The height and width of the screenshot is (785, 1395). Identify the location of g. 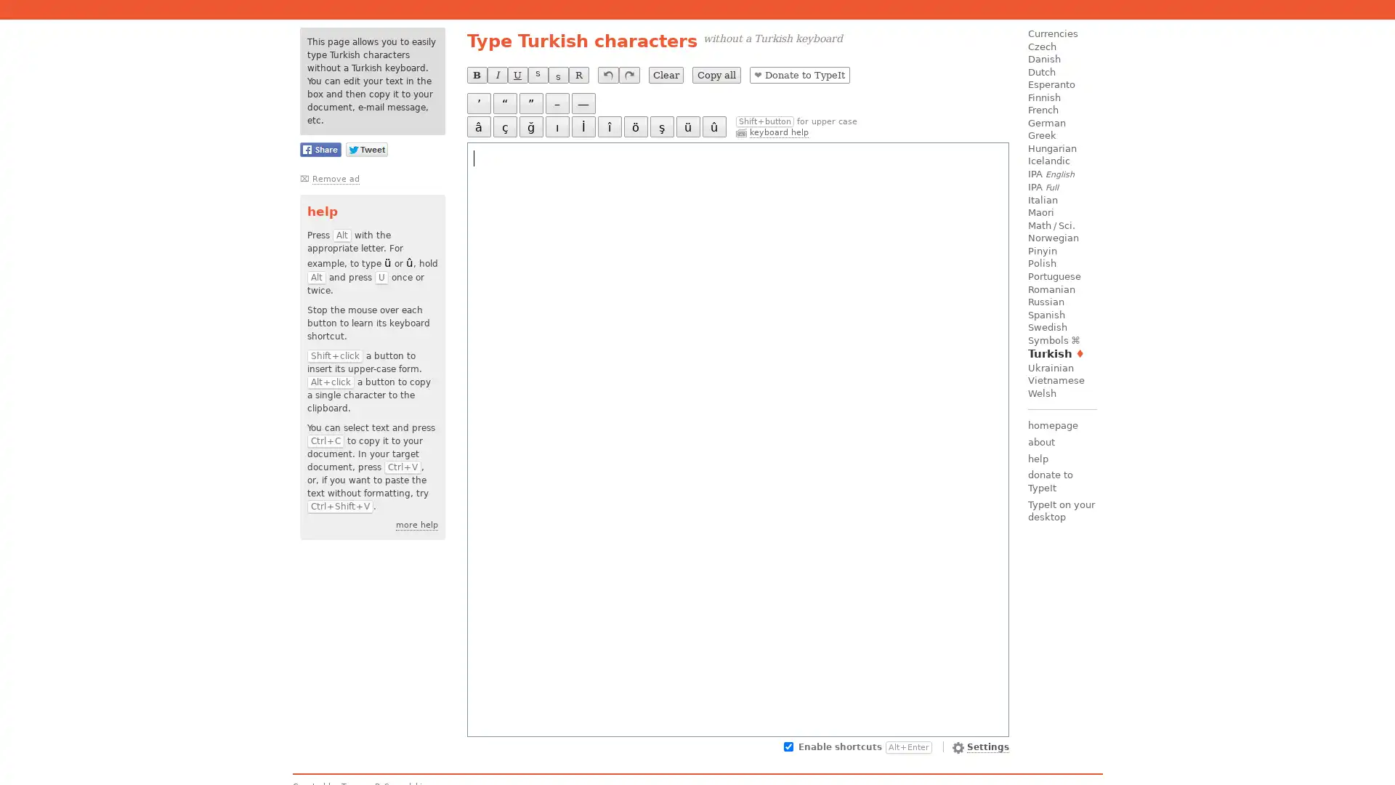
(530, 126).